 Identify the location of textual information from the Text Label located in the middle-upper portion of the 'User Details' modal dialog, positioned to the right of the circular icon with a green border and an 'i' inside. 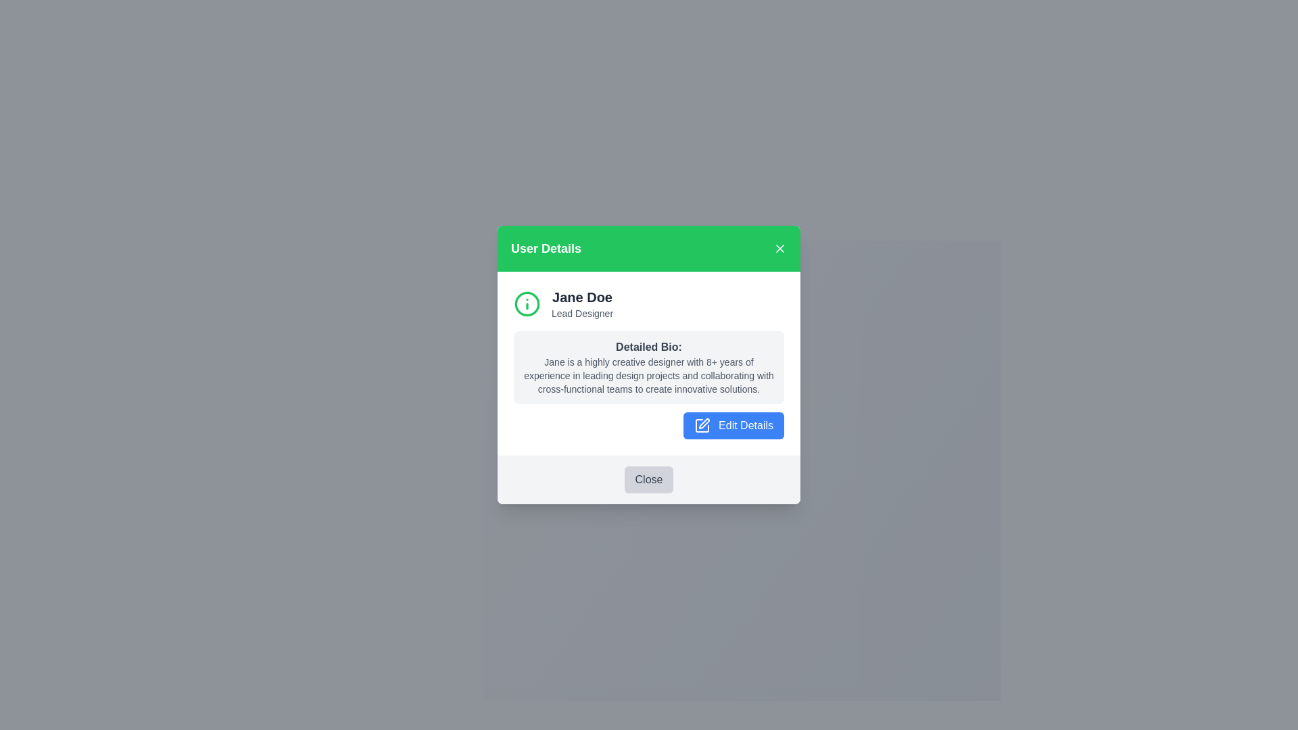
(582, 303).